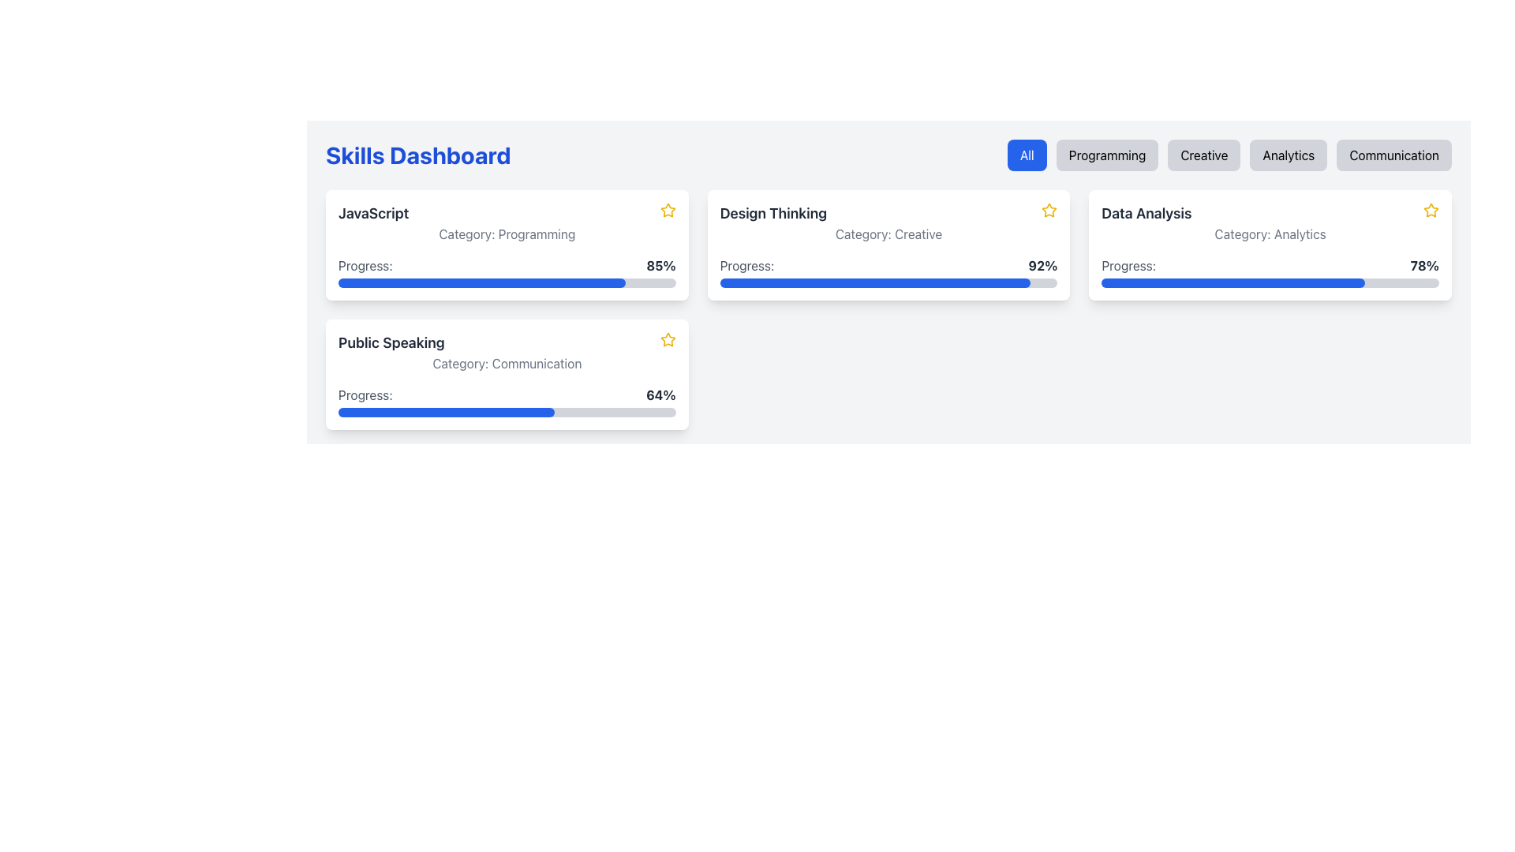  Describe the element at coordinates (365, 394) in the screenshot. I see `the Text Label that indicates the progress percentage for the skill 'Public Speaking', positioned to the left of '64%' and above the blue progress bar` at that location.